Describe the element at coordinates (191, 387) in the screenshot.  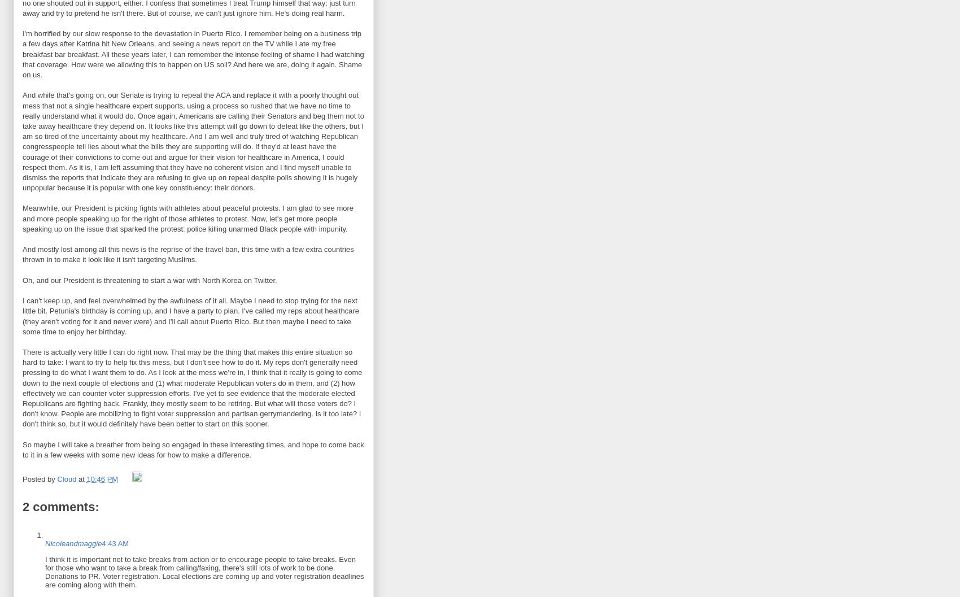
I see `'There is actually very little I can do right now. That may be the thing that makes this entire situation so hard to take: I want to try to help fix this mess, but I don't see how to do it. My reps don't generally need pressing to do what I want them to do. As I look at the mess we're in, I think that it really is going to come down to the next couple of elections and (1) what moderate Republican voters do in them, and (2) how effectively we can counter voter suppression efforts. I've yet to see evidence that the moderate elected Republicans are fighting back. Frankly, they mostly seem to be retiring. But what will those voters do? I don't know. People are mobilizing to fight voter suppression and partisan gerrymandering. Is it too late? I don't think so, but it would definitely have been better to start on this sooner.'` at that location.